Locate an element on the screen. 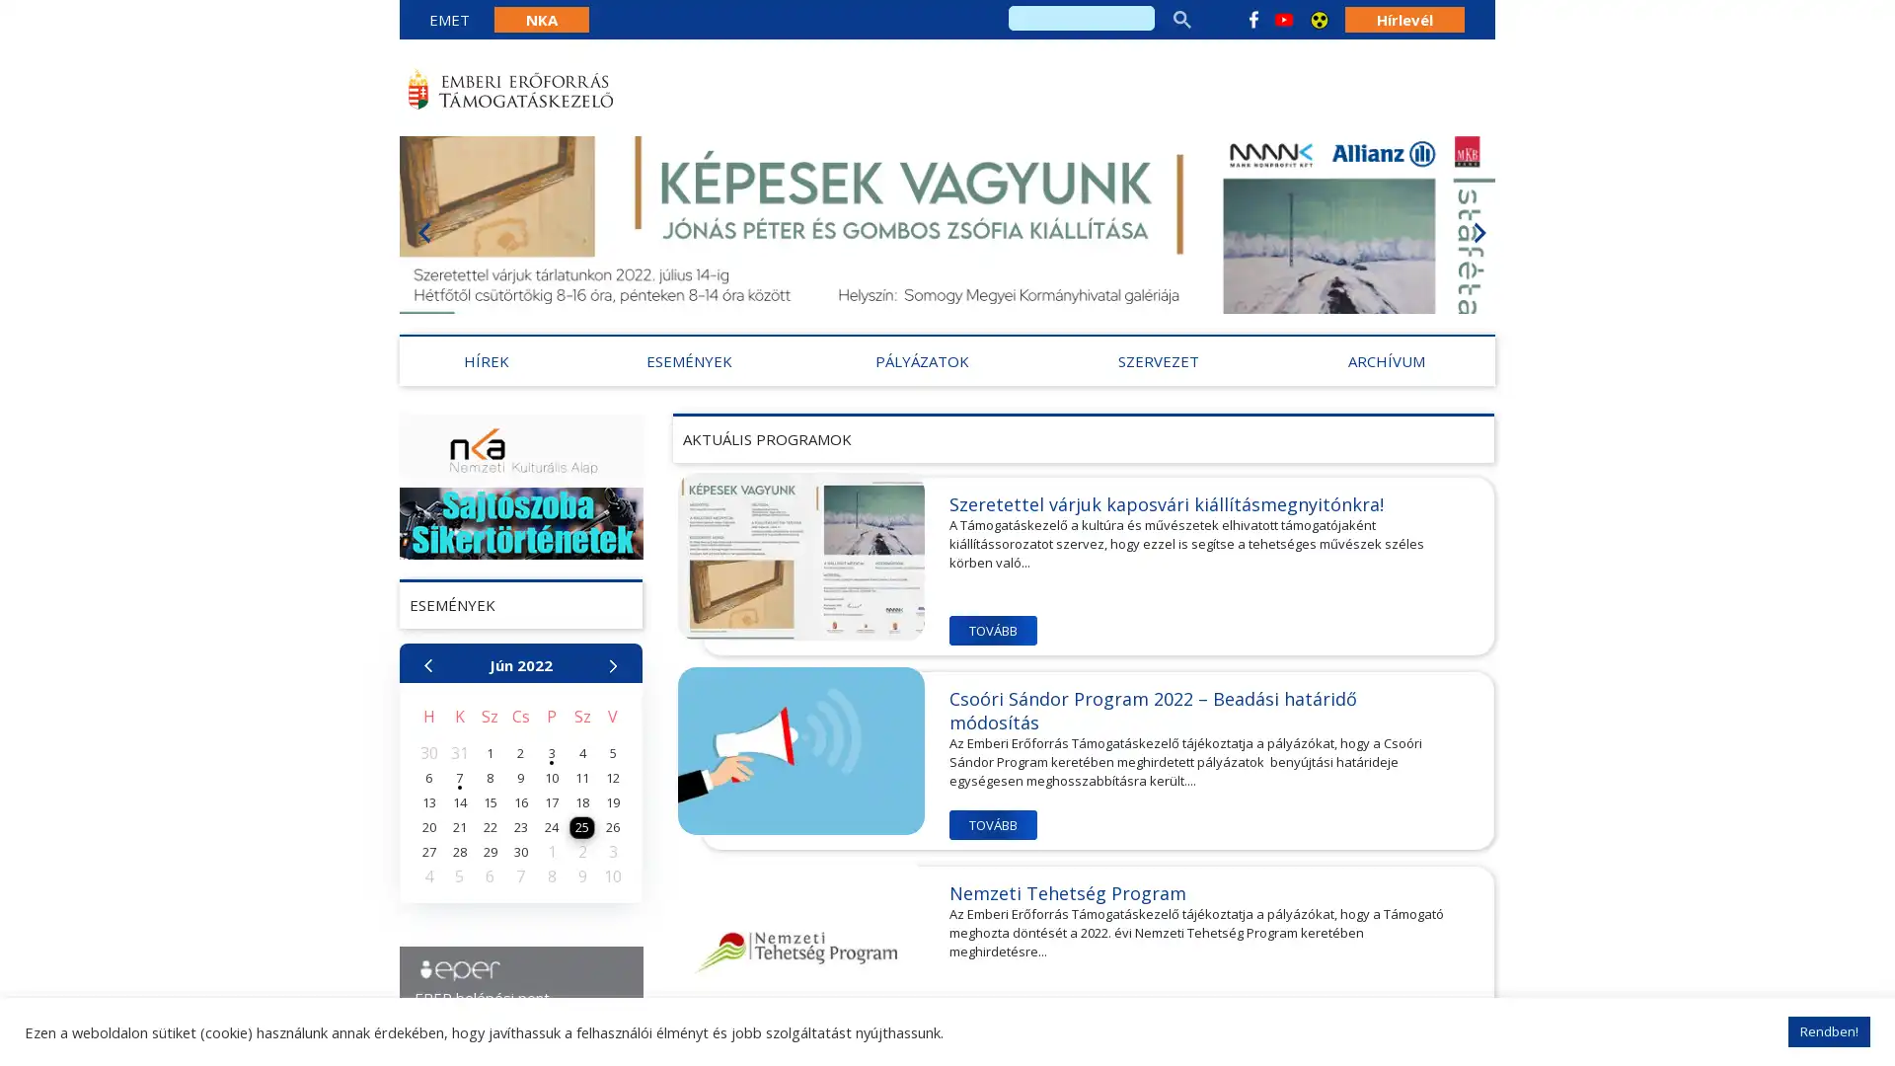  PALYAZATOK is located at coordinates (921, 361).